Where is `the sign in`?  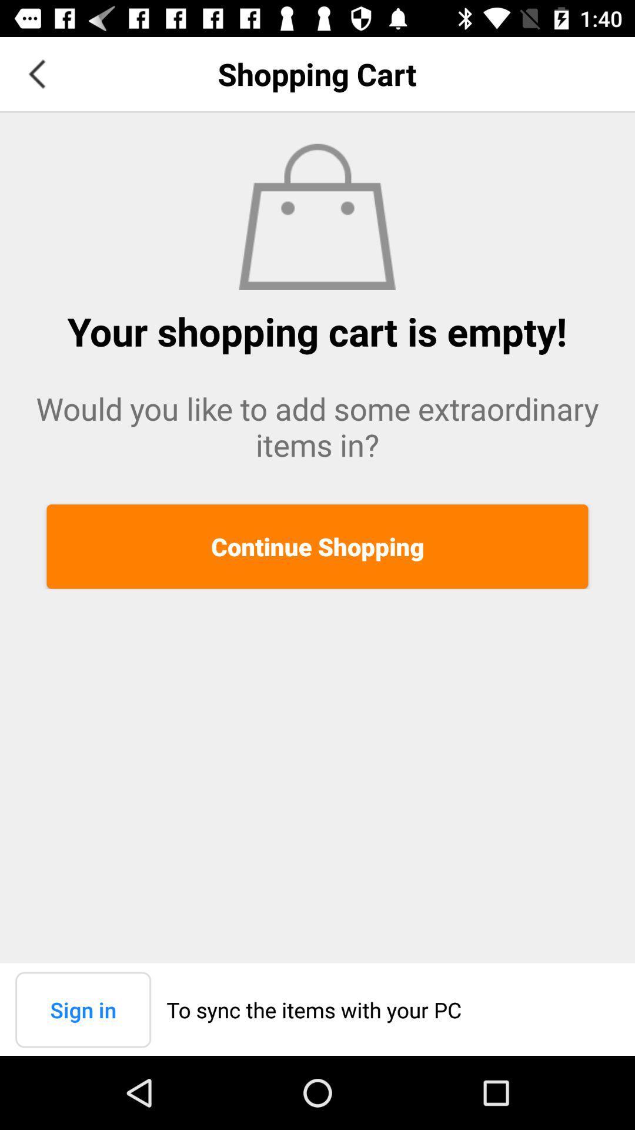
the sign in is located at coordinates (82, 1009).